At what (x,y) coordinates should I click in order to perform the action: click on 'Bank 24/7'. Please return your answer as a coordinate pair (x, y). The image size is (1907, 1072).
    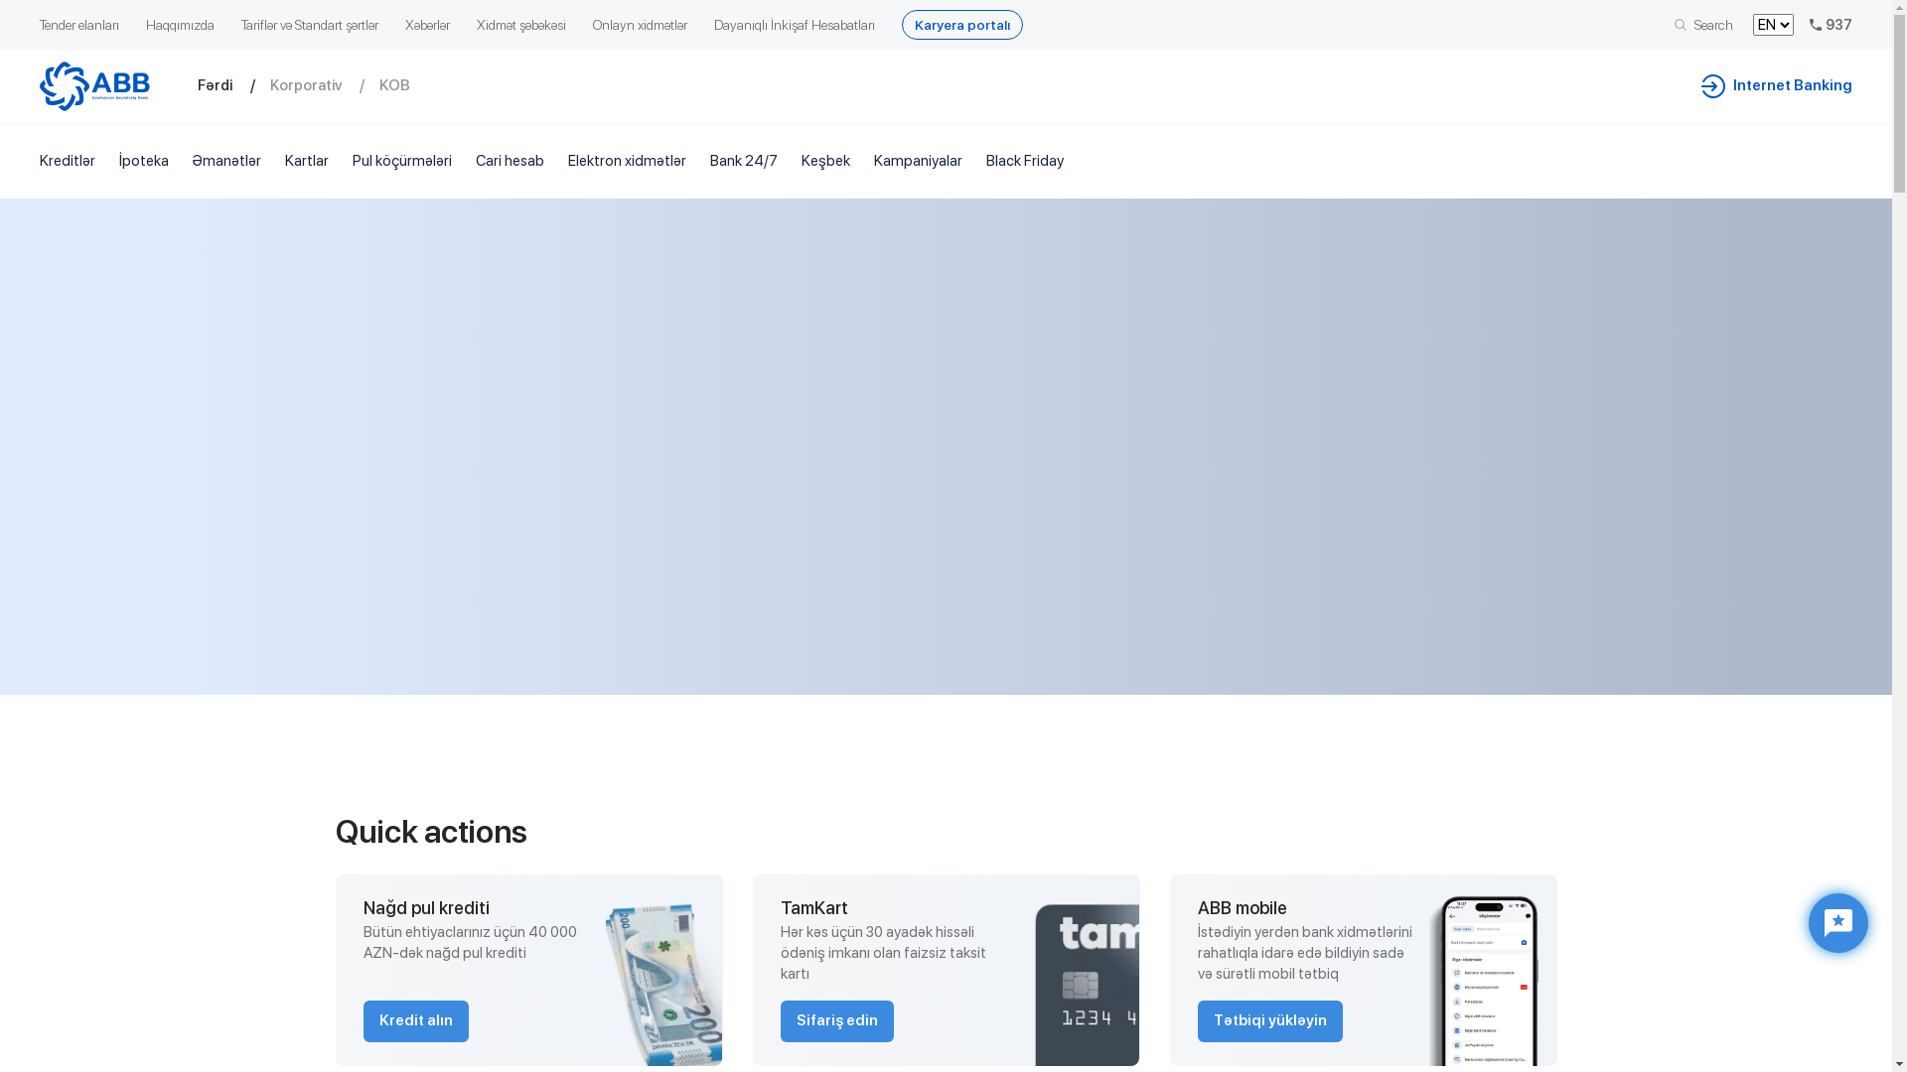
    Looking at the image, I should click on (742, 160).